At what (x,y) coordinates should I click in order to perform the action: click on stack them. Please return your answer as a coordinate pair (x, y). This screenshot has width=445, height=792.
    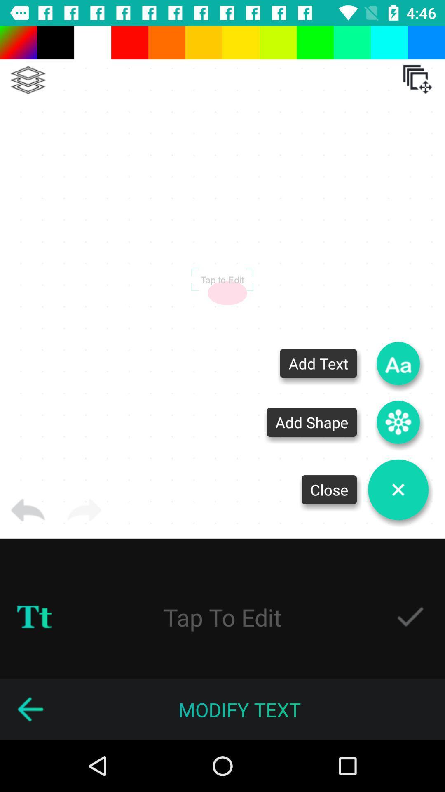
    Looking at the image, I should click on (28, 80).